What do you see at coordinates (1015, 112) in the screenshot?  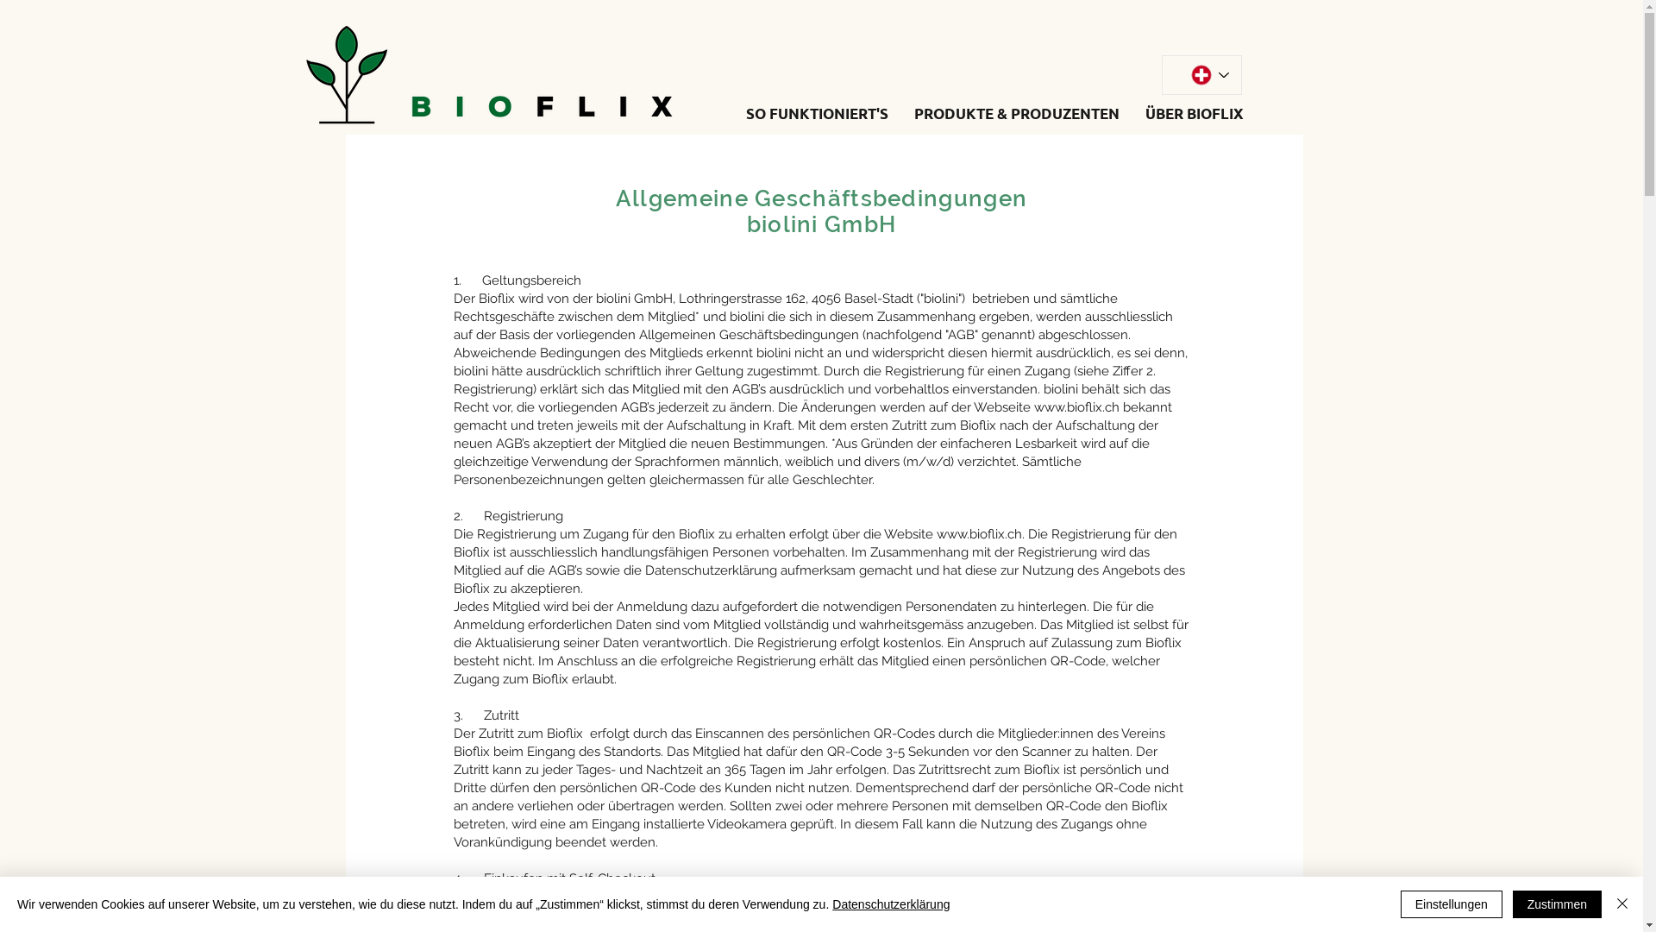 I see `'PRODUKTE & PRODUZENTEN'` at bounding box center [1015, 112].